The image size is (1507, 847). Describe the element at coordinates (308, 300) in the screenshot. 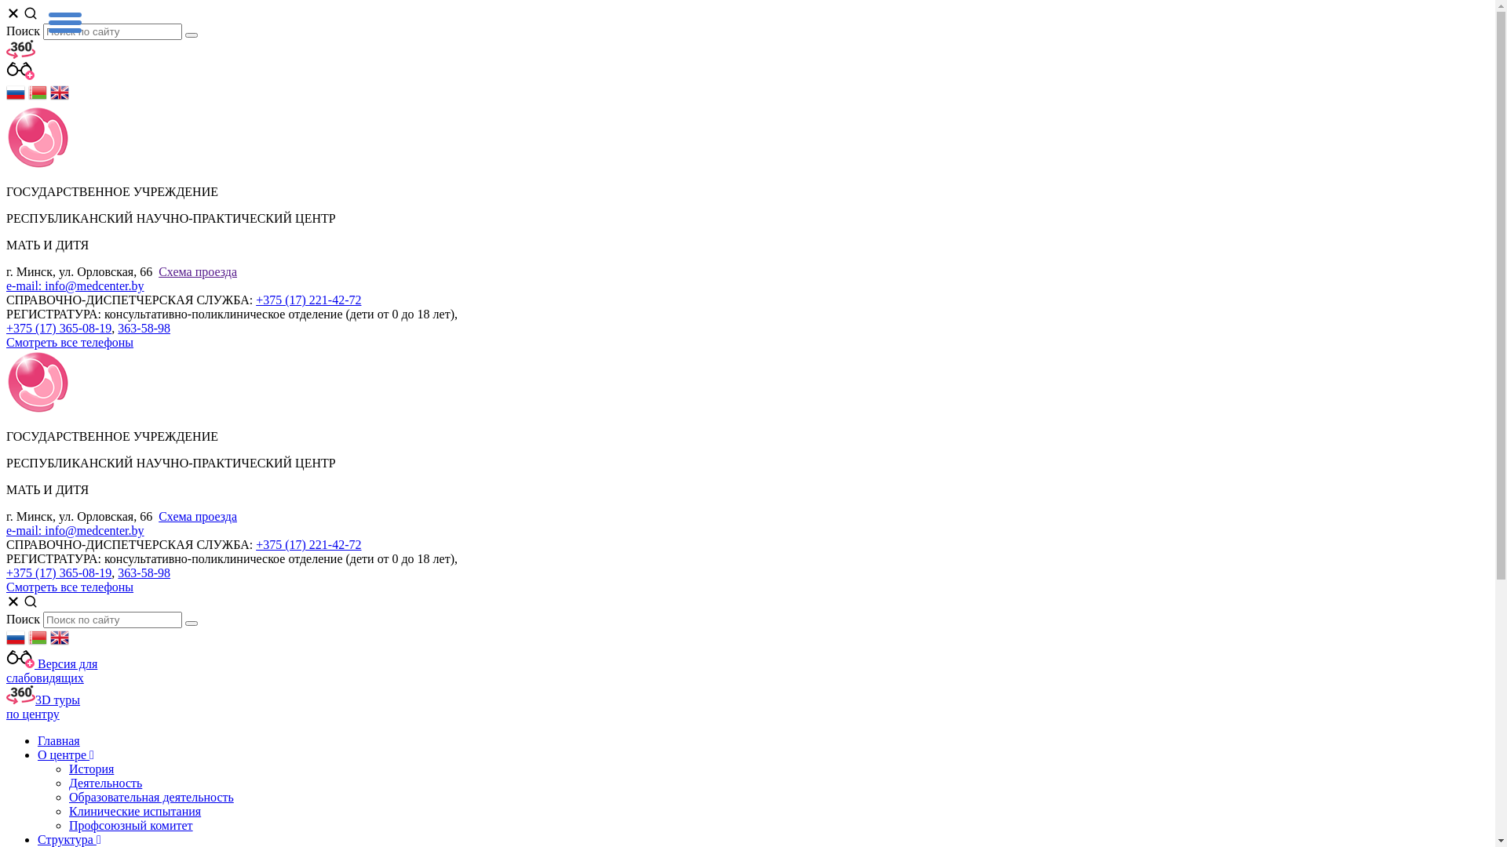

I see `'+375 (17) 221-42-72'` at that location.